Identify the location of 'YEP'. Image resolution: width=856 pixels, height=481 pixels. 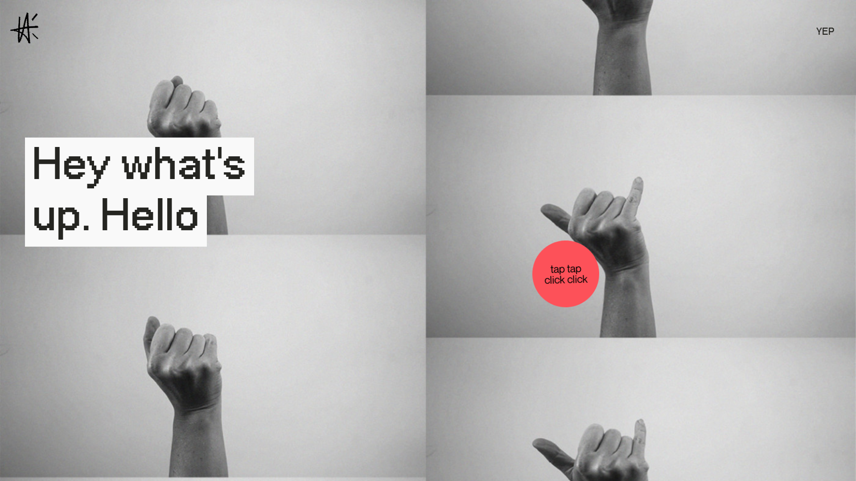
(825, 32).